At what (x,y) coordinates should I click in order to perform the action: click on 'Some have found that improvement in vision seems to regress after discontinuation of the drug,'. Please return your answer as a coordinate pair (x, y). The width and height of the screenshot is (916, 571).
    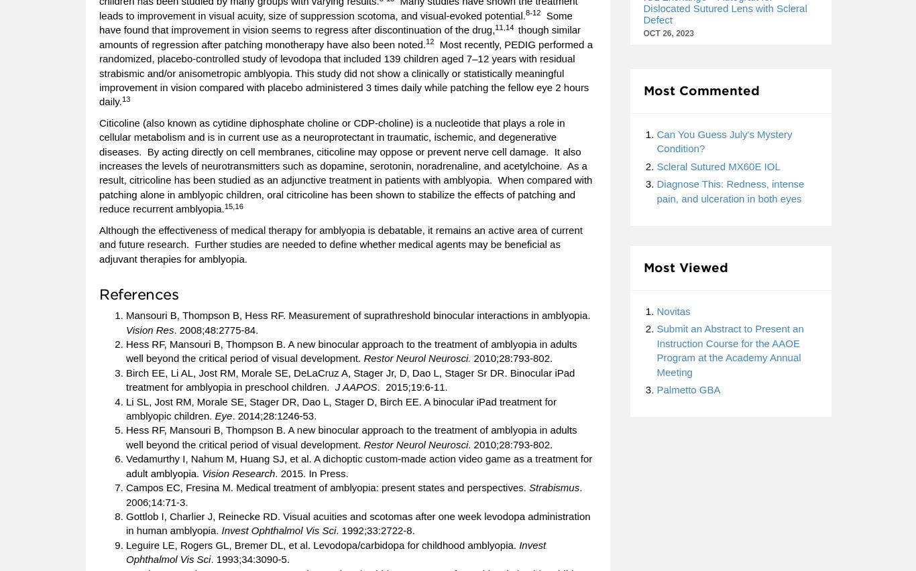
    Looking at the image, I should click on (98, 21).